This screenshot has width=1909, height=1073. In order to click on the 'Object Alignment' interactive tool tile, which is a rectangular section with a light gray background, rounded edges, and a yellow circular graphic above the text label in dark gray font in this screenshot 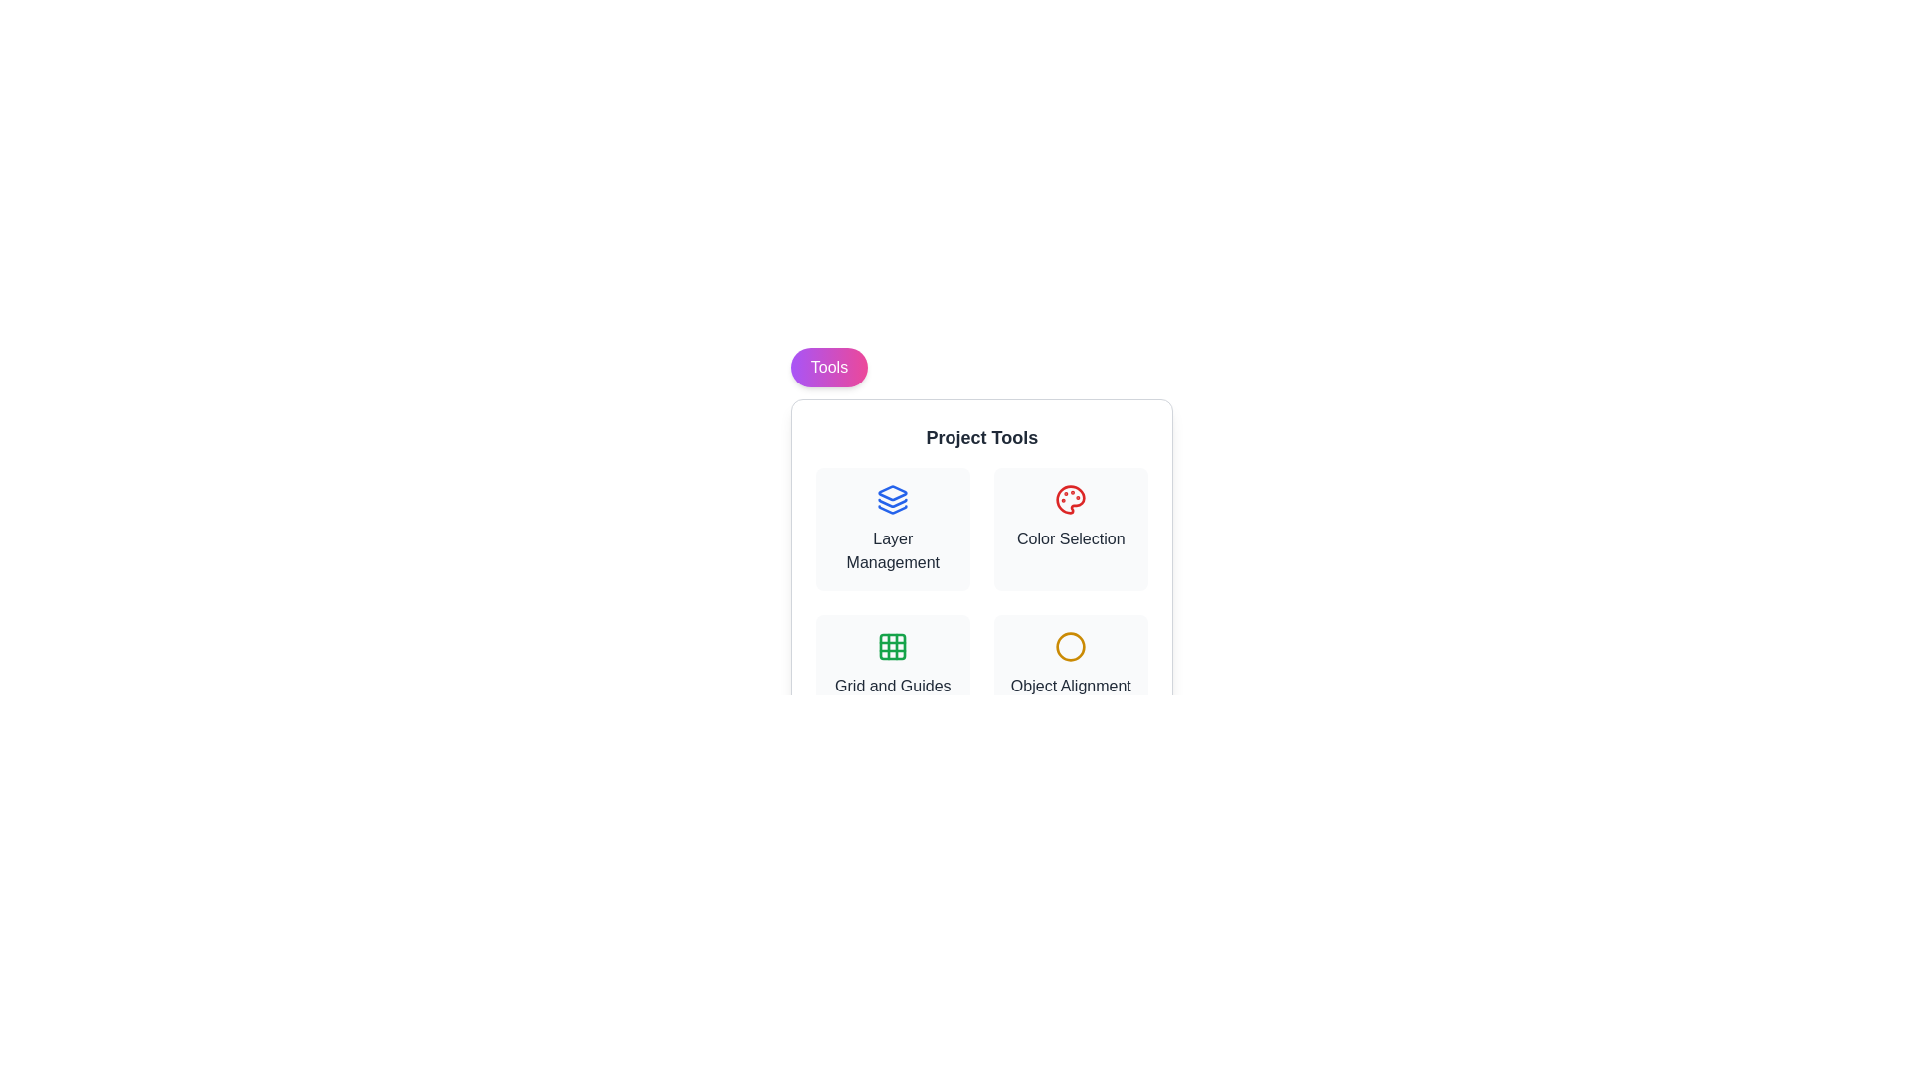, I will do `click(1070, 664)`.